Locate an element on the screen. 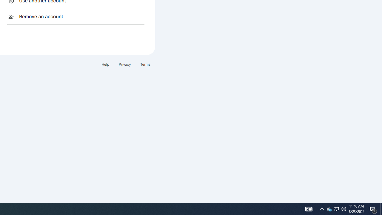  'Terms' is located at coordinates (145, 64).